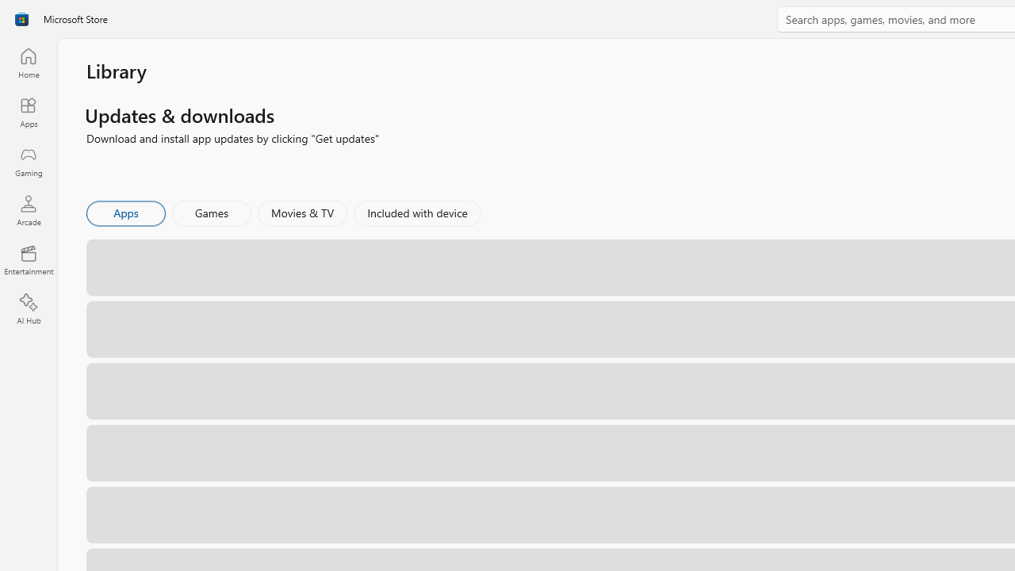 This screenshot has width=1015, height=571. Describe the element at coordinates (211, 212) in the screenshot. I see `'Games'` at that location.